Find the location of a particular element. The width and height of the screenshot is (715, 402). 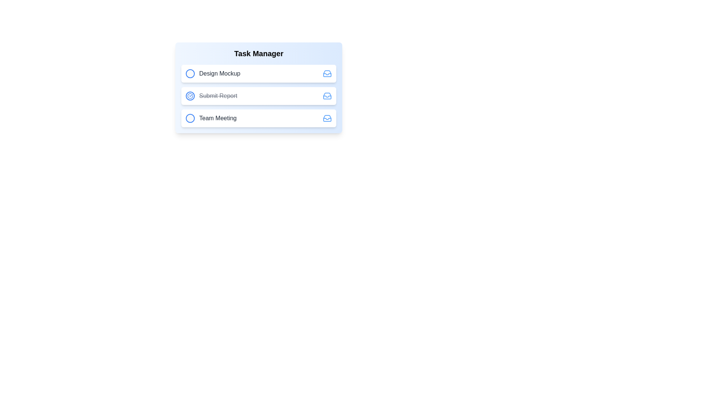

the task item to inspect its details is located at coordinates (259, 73).